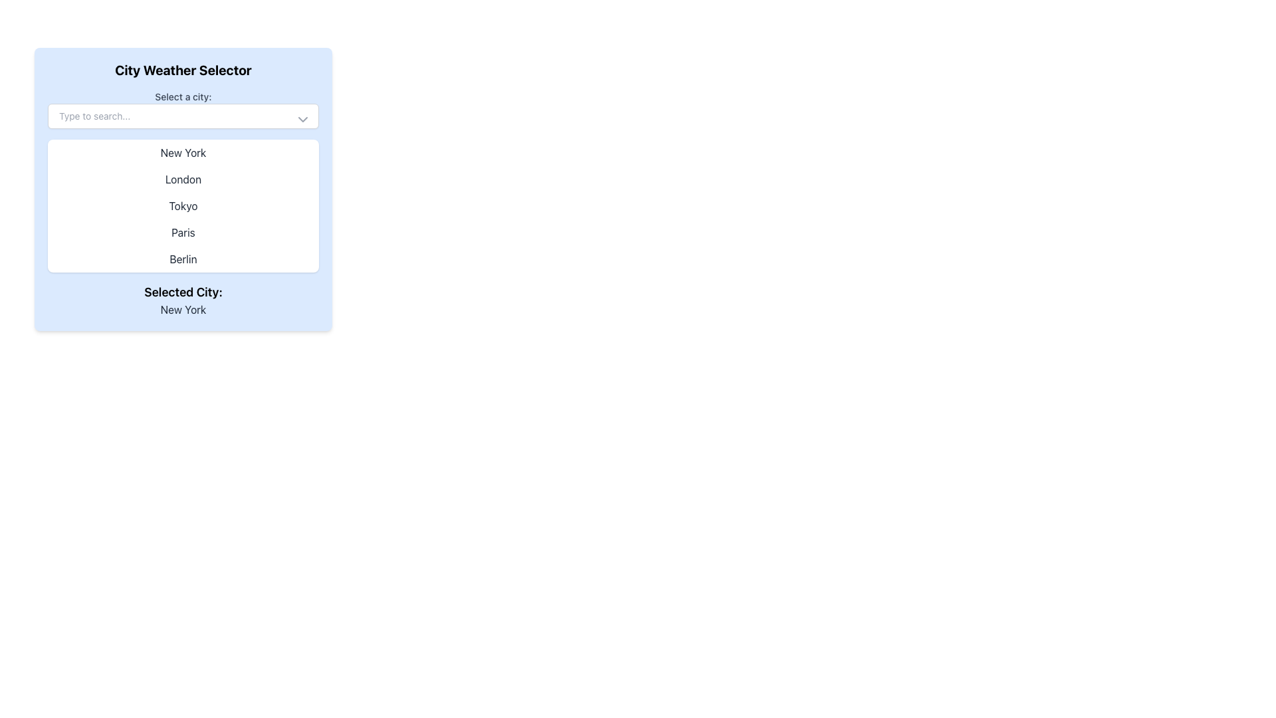  What do you see at coordinates (182, 109) in the screenshot?
I see `the chevron icon on the dropdown menu labeled 'Select a city:'` at bounding box center [182, 109].